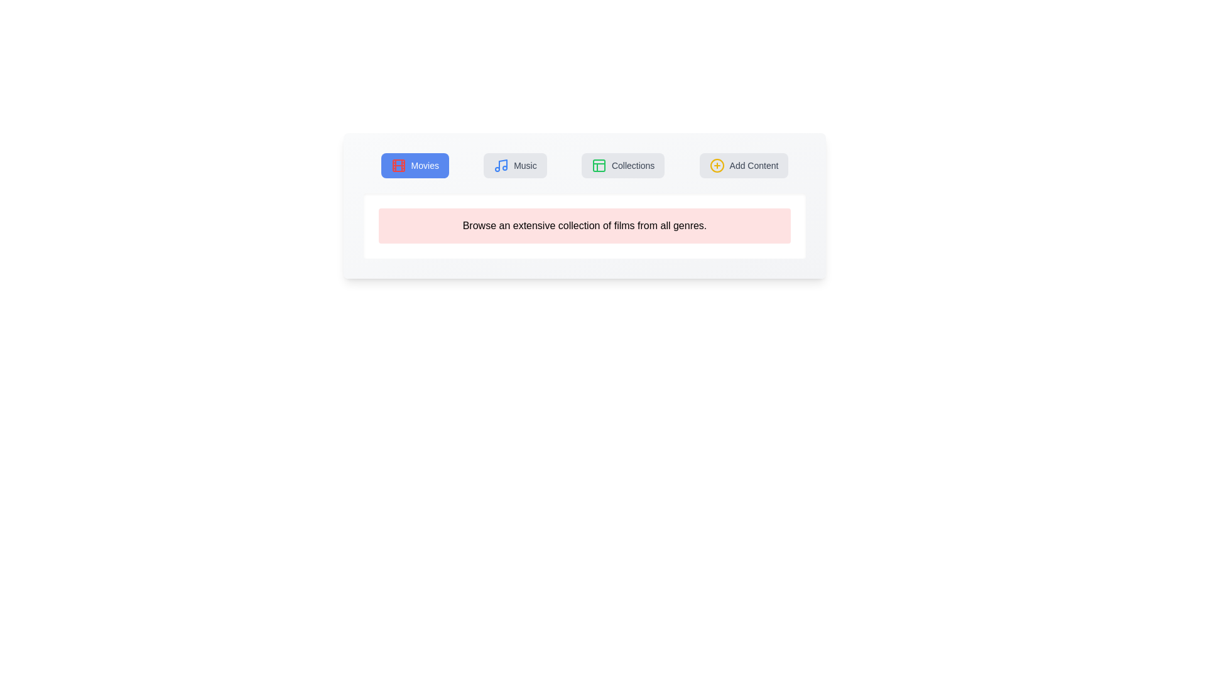  What do you see at coordinates (744, 164) in the screenshot?
I see `the tab labeled Add Content to navigate to its corresponding section` at bounding box center [744, 164].